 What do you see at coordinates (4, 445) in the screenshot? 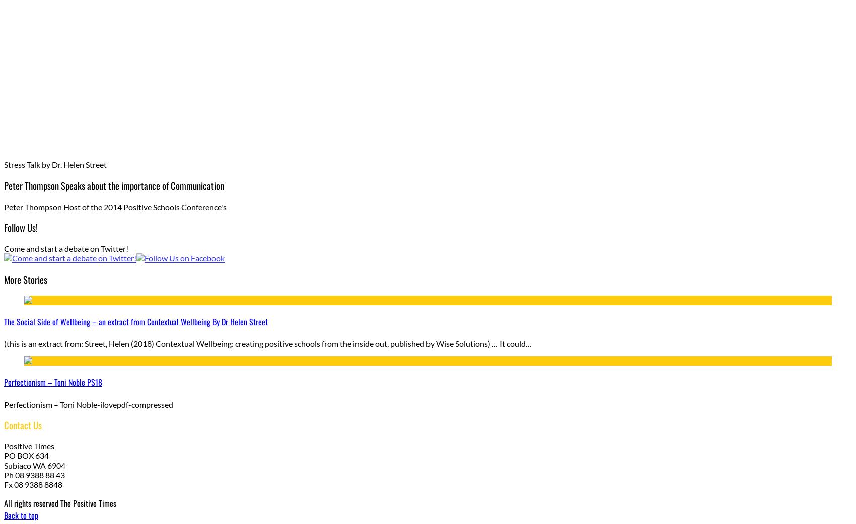
I see `'Positive Times'` at bounding box center [4, 445].